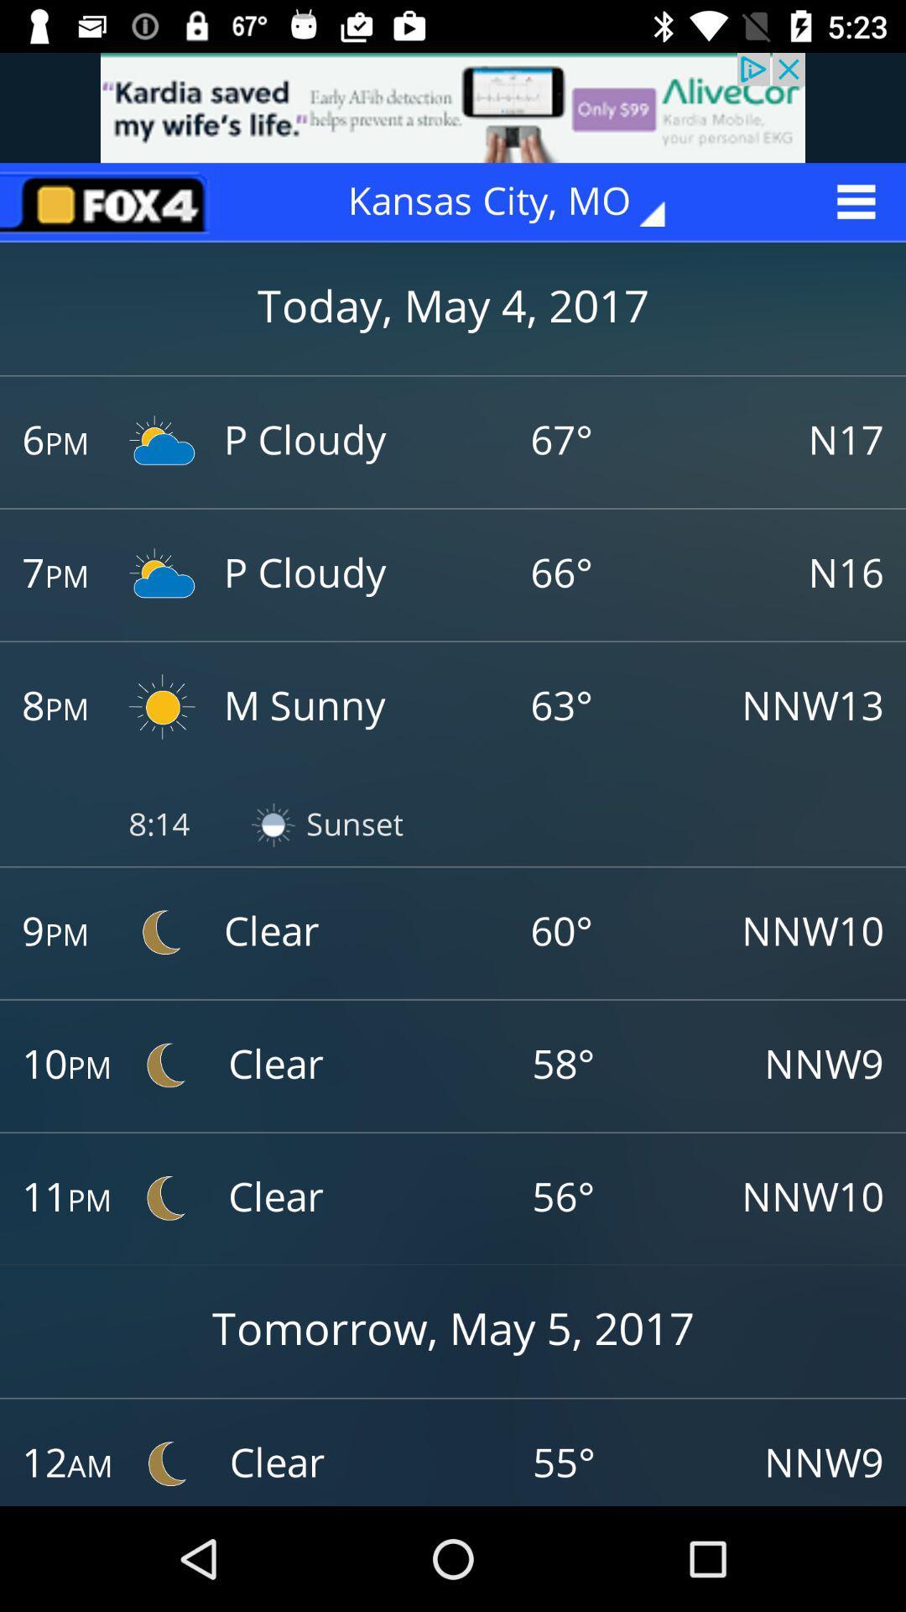 The height and width of the screenshot is (1612, 906). Describe the element at coordinates (453, 107) in the screenshot. I see `try this website` at that location.